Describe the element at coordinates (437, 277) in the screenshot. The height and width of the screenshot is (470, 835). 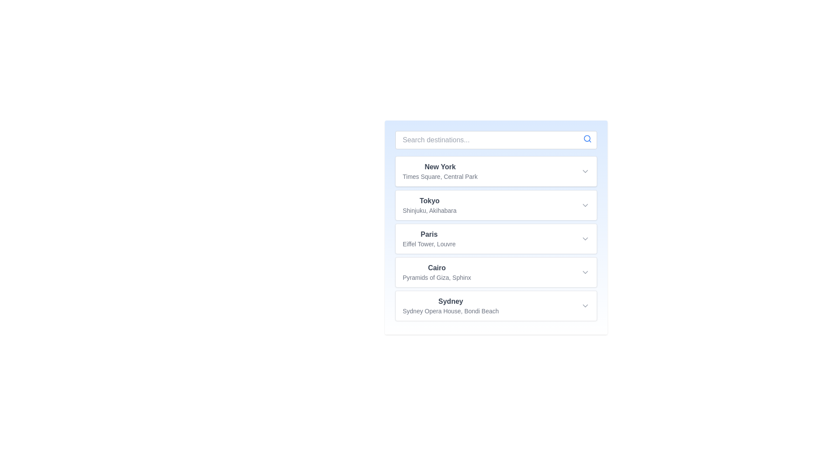
I see `the Text label displaying 'Pyramids of Giza, Sphinx', which is located directly below the title 'Cairo' in the list of destinations` at that location.